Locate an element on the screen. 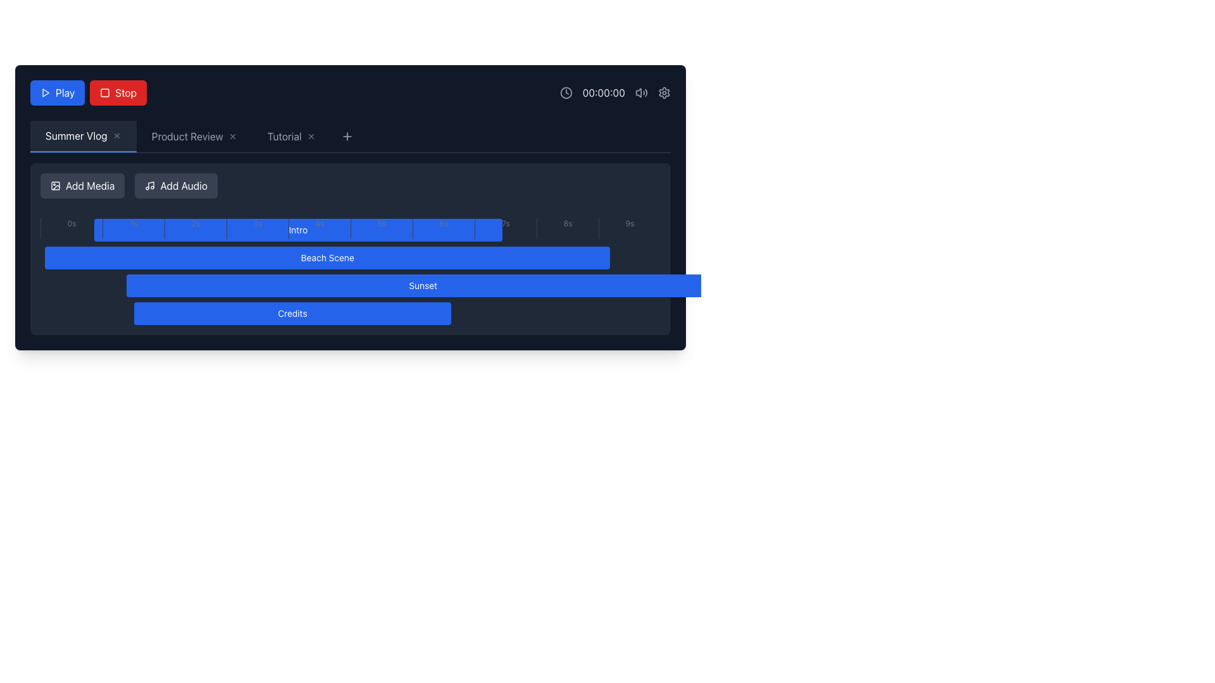 The width and height of the screenshot is (1215, 683). the speaker icon with sound wave lines is located at coordinates (641, 92).